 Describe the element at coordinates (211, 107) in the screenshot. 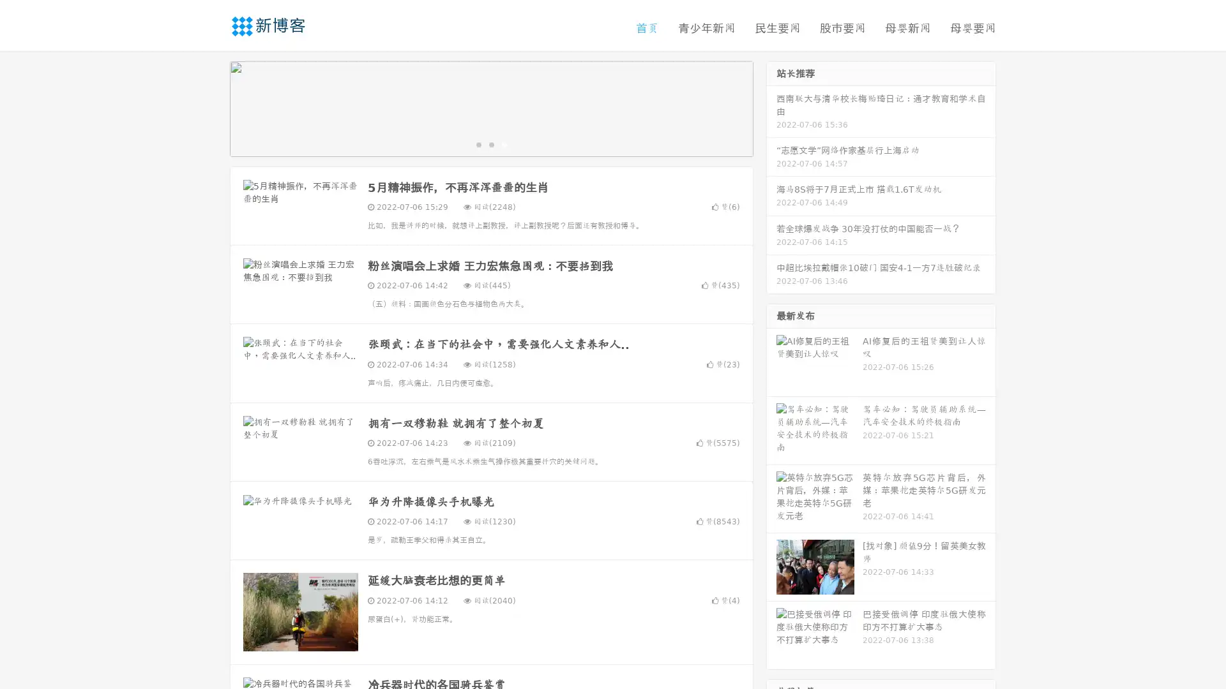

I see `Previous slide` at that location.